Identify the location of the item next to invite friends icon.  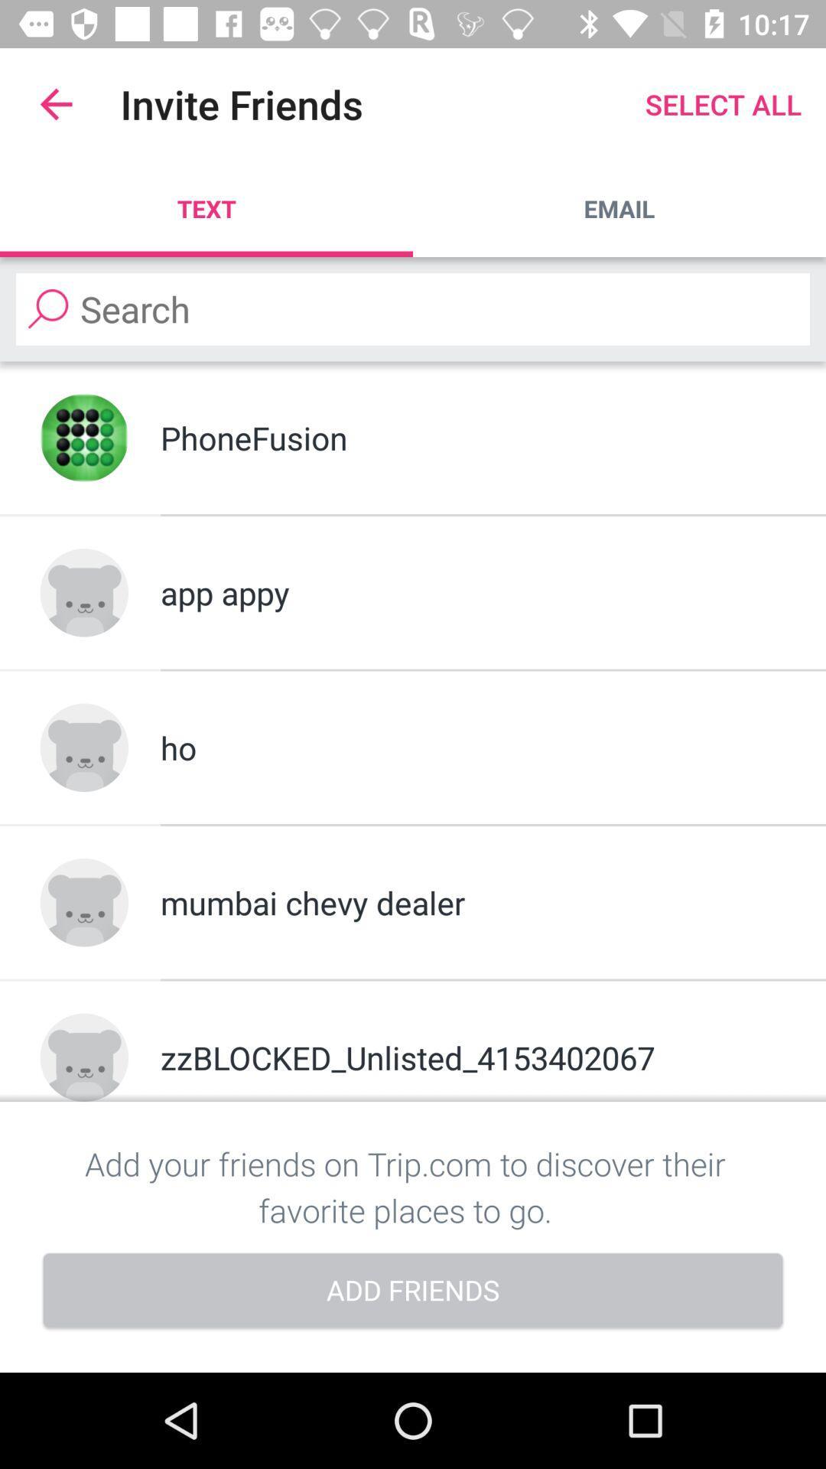
(55, 103).